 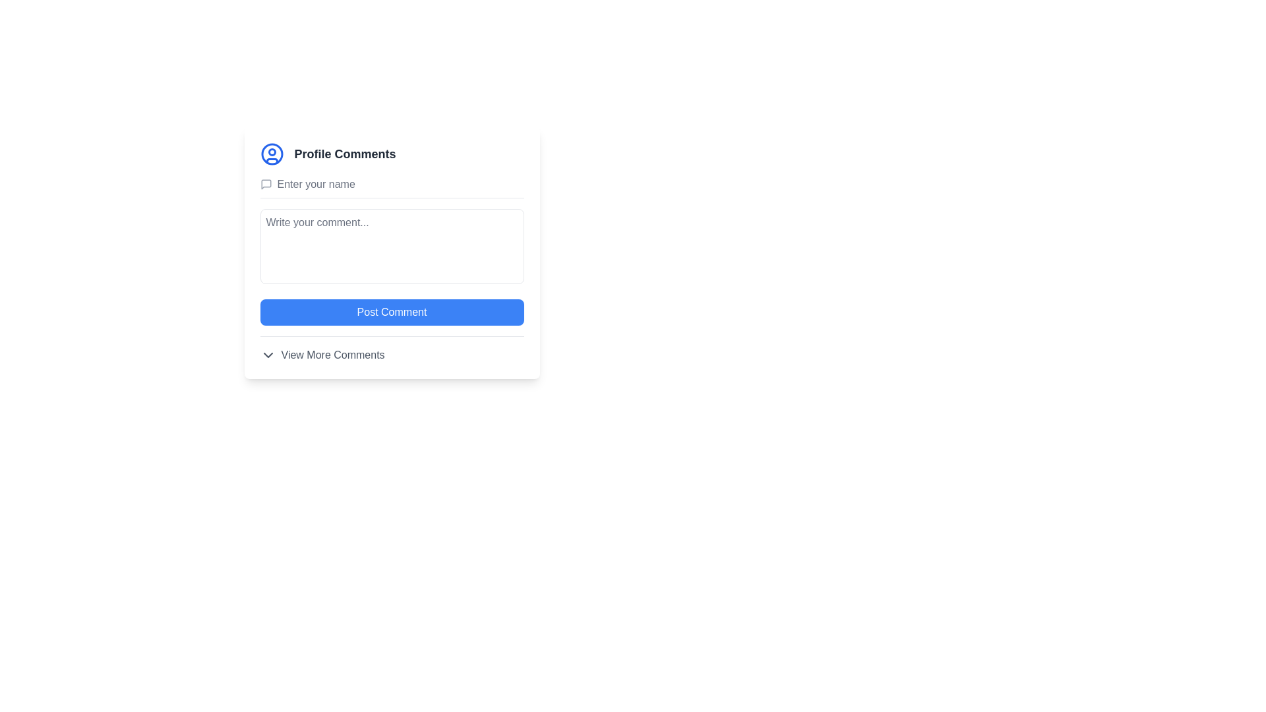 I want to click on the circular SVG shape representing the user's profile picture located in the top-left portion of the card header beside the 'Profile Comments' label, so click(x=271, y=154).